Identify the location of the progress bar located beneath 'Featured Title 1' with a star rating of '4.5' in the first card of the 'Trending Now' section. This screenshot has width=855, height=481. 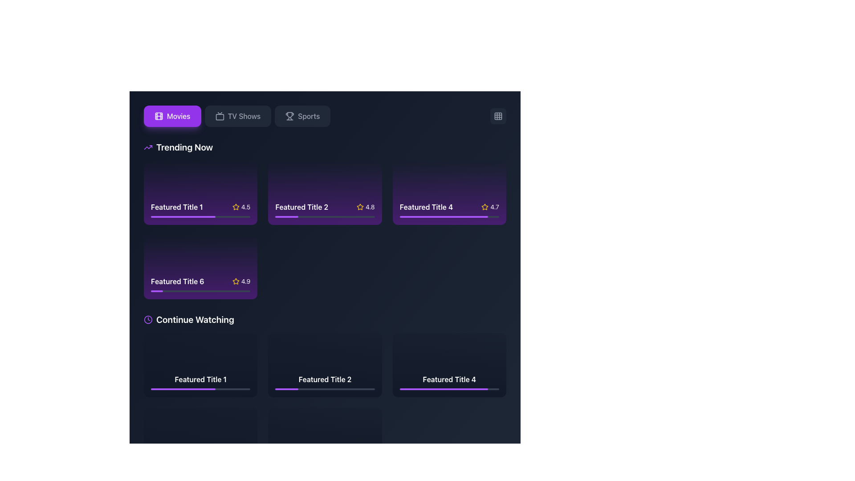
(200, 216).